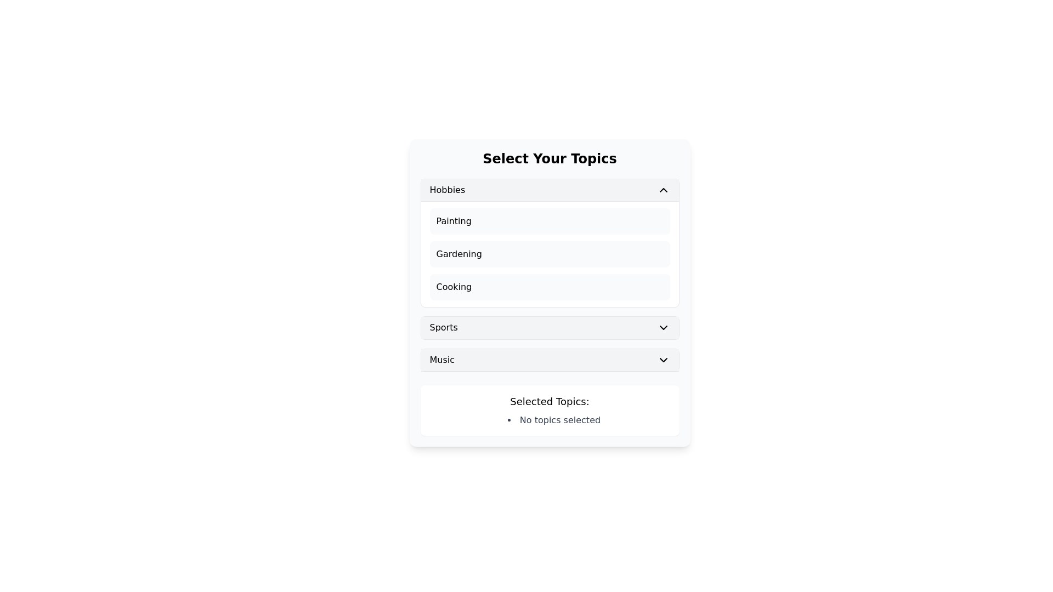 This screenshot has height=592, width=1053. Describe the element at coordinates (550, 242) in the screenshot. I see `the 'Hobbies' dropdown list` at that location.